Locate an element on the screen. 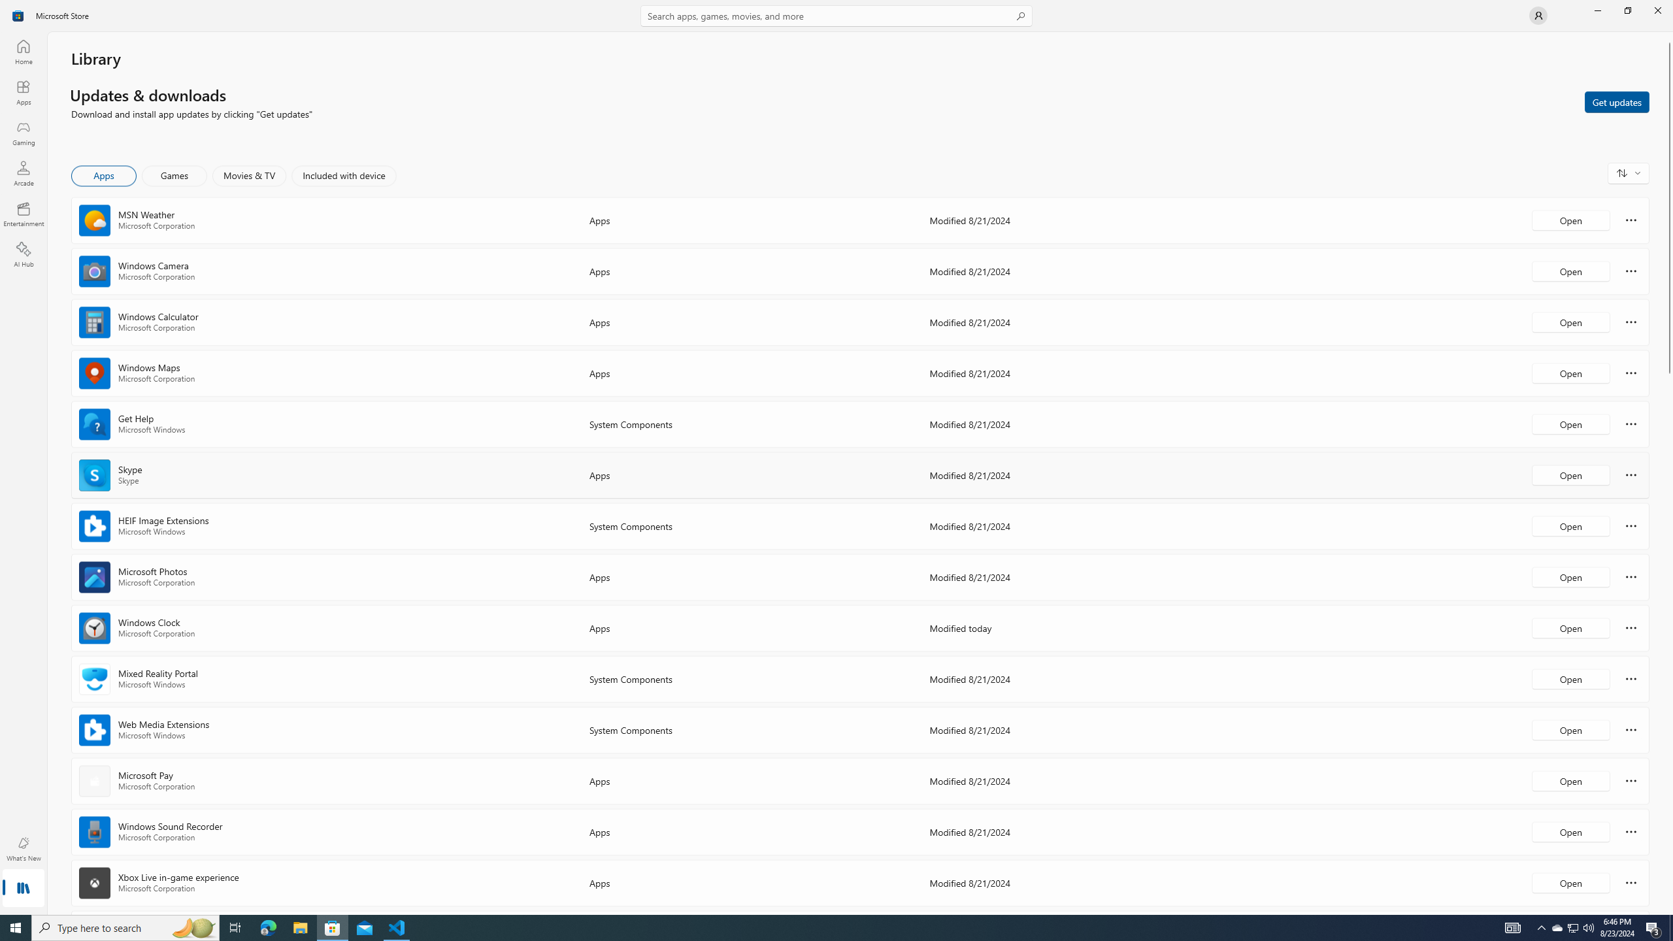 This screenshot has width=1673, height=941. 'Arcade' is located at coordinates (22, 173).